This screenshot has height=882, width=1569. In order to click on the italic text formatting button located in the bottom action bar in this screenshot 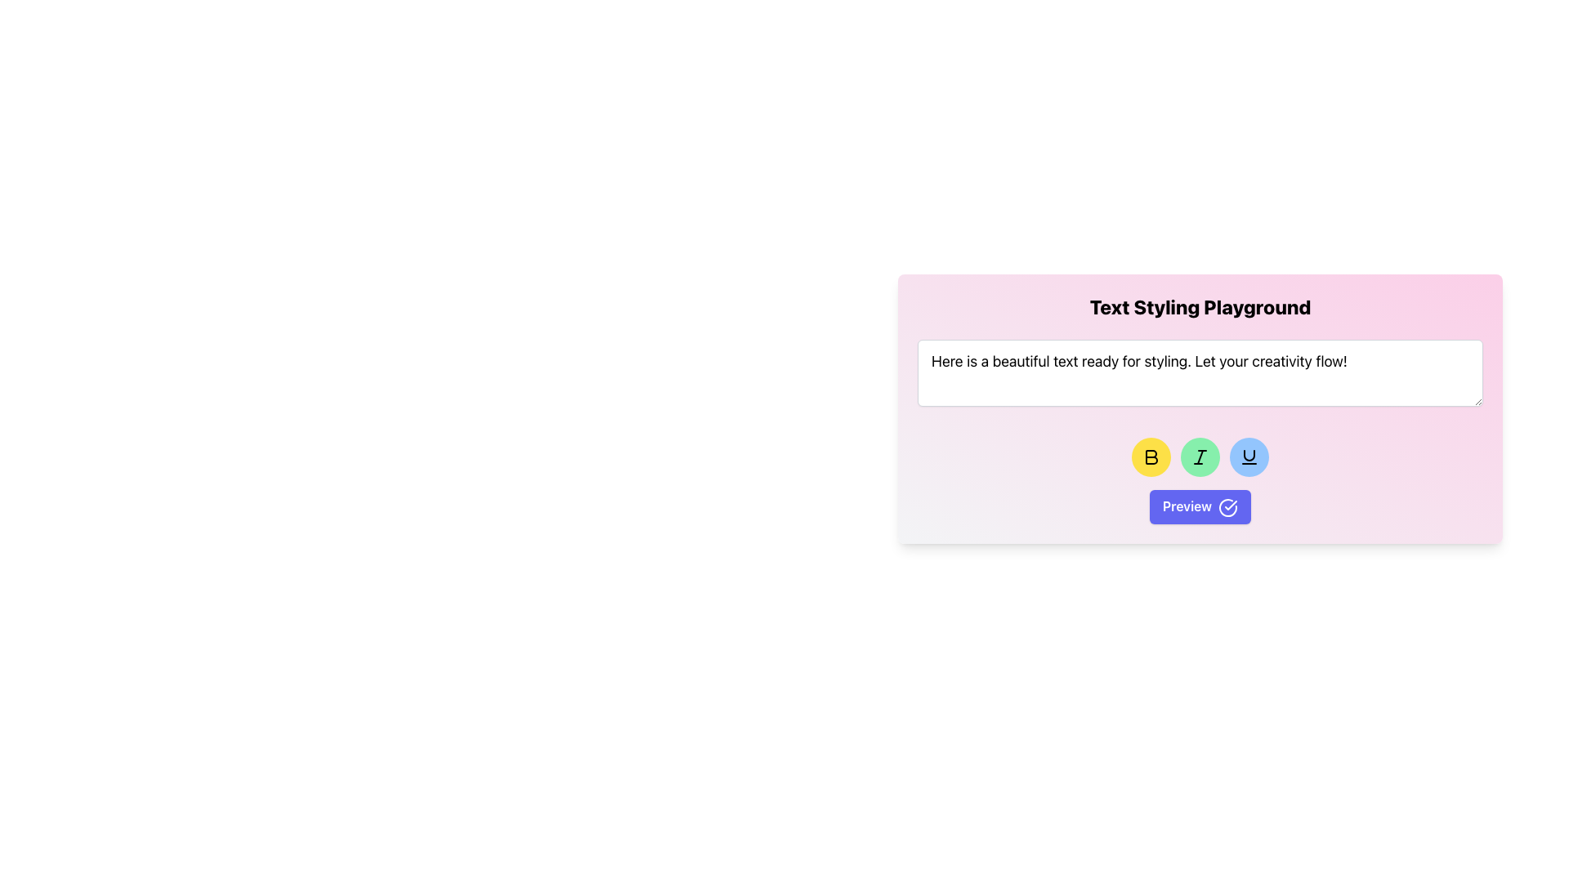, I will do `click(1200, 457)`.